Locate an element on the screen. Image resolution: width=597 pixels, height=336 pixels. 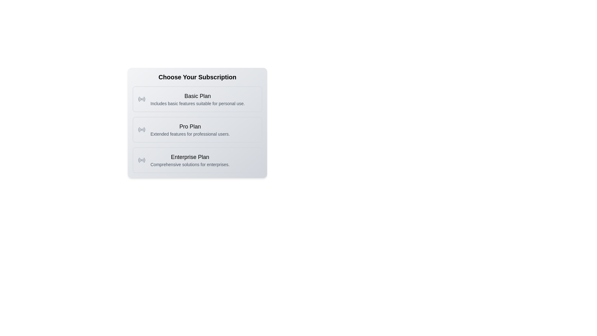
text from the 'Basic Plan' label, which is displayed prominently in a medium-sized, bold font at the top of the subscription options card is located at coordinates (197, 96).